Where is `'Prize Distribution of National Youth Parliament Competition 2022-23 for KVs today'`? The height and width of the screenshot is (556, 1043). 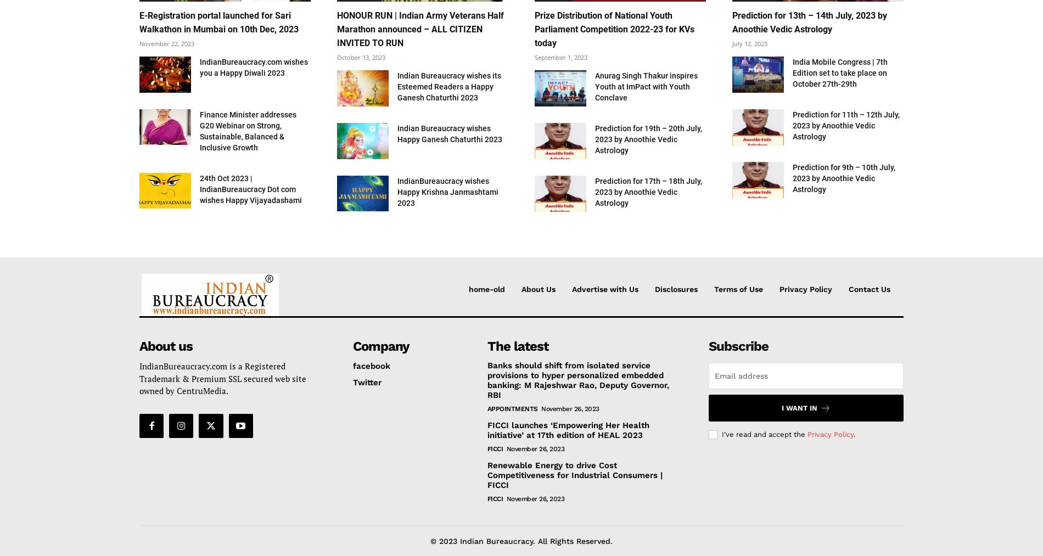 'Prize Distribution of National Youth Parliament Competition 2022-23 for KVs today' is located at coordinates (614, 29).